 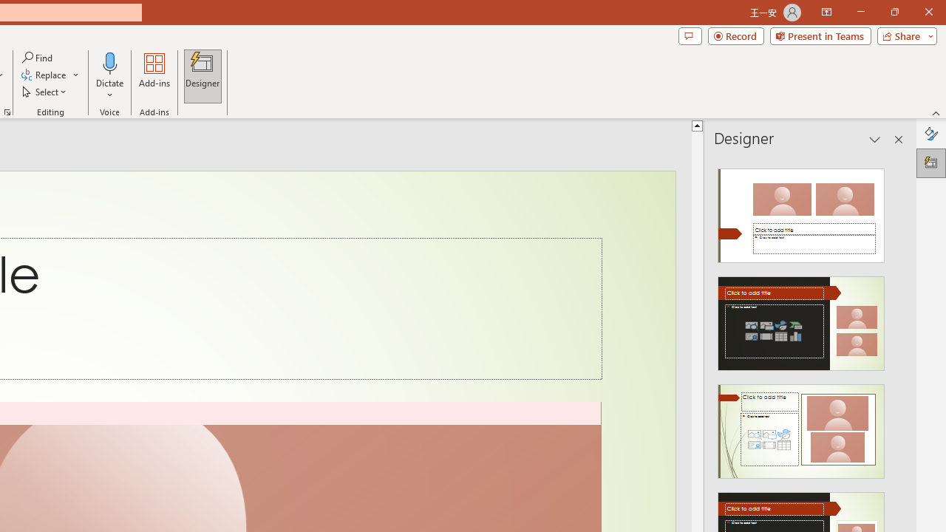 What do you see at coordinates (689, 35) in the screenshot?
I see `'Comments'` at bounding box center [689, 35].